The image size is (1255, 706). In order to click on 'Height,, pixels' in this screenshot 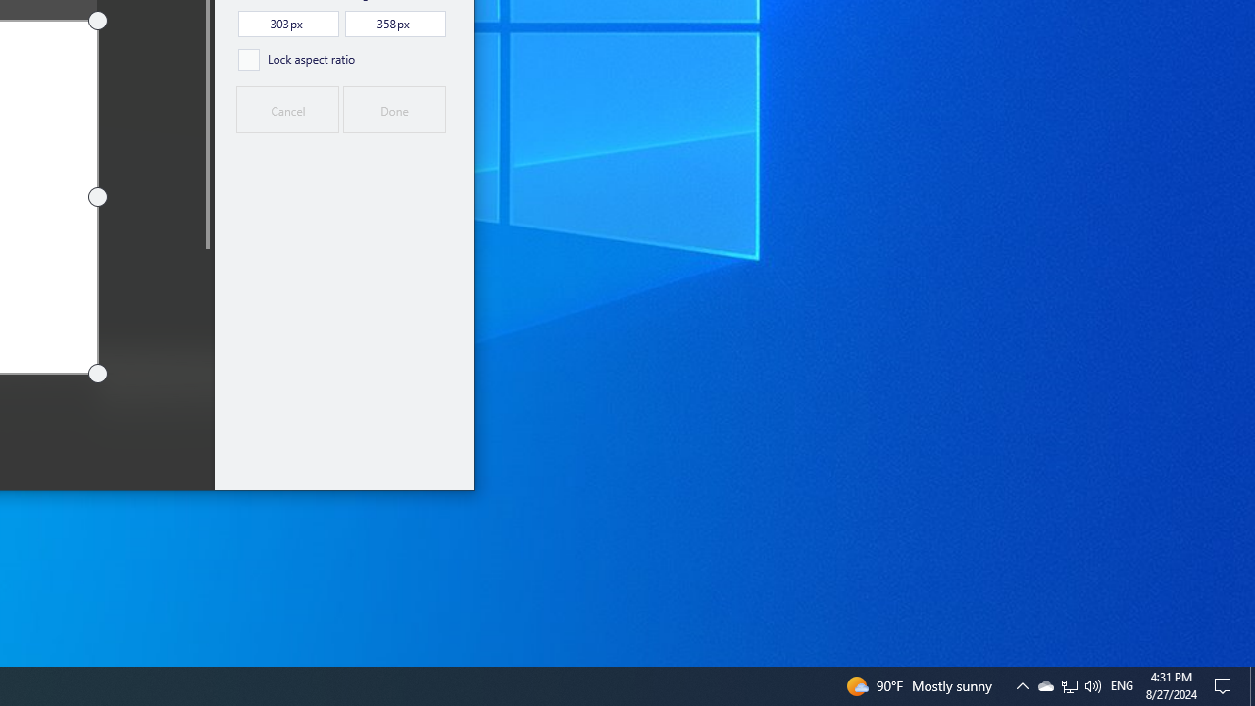, I will do `click(394, 24)`.